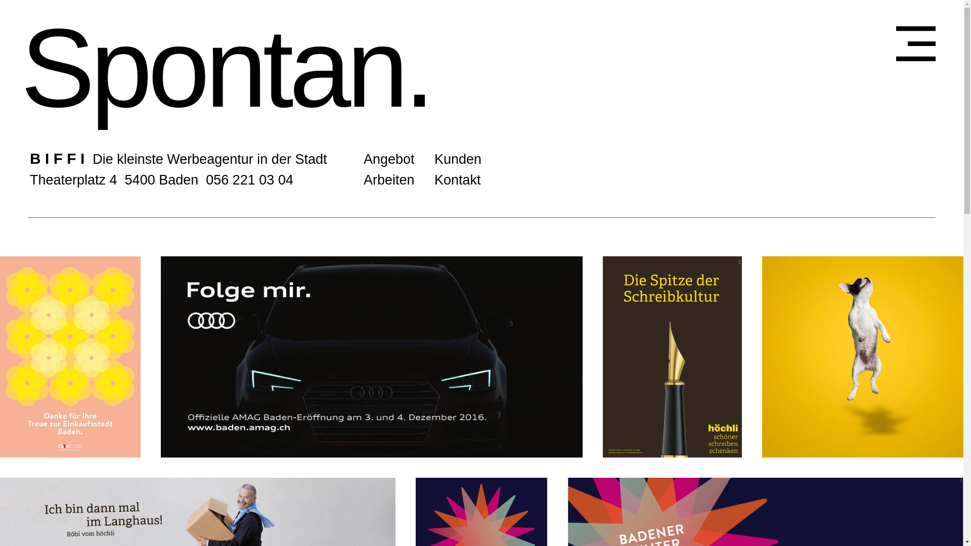 The width and height of the screenshot is (971, 546). Describe the element at coordinates (388, 178) in the screenshot. I see `'Arbeiten'` at that location.